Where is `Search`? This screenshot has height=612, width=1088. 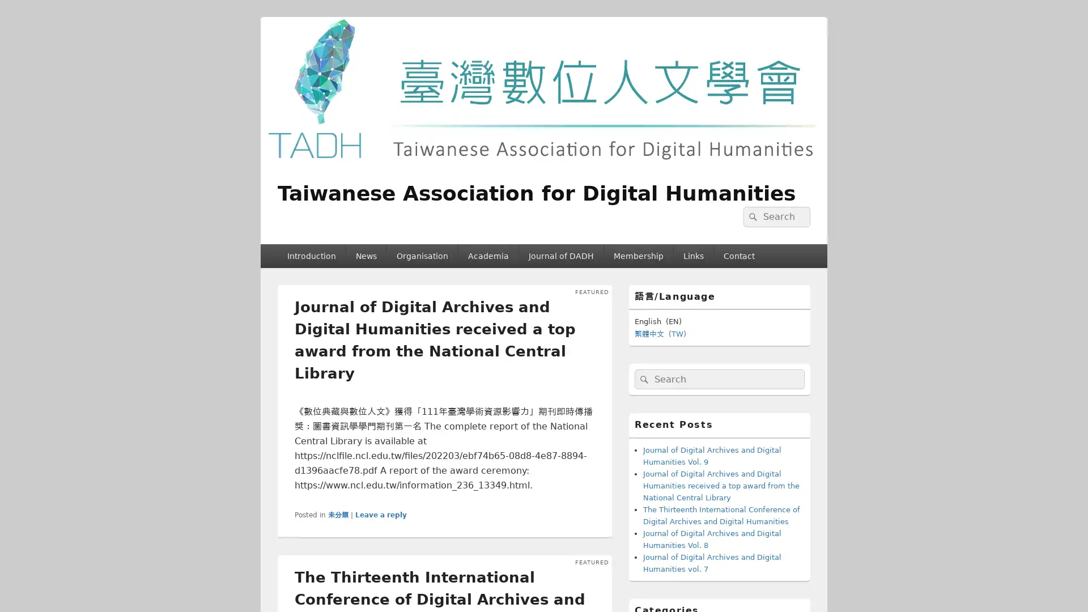 Search is located at coordinates (751, 216).